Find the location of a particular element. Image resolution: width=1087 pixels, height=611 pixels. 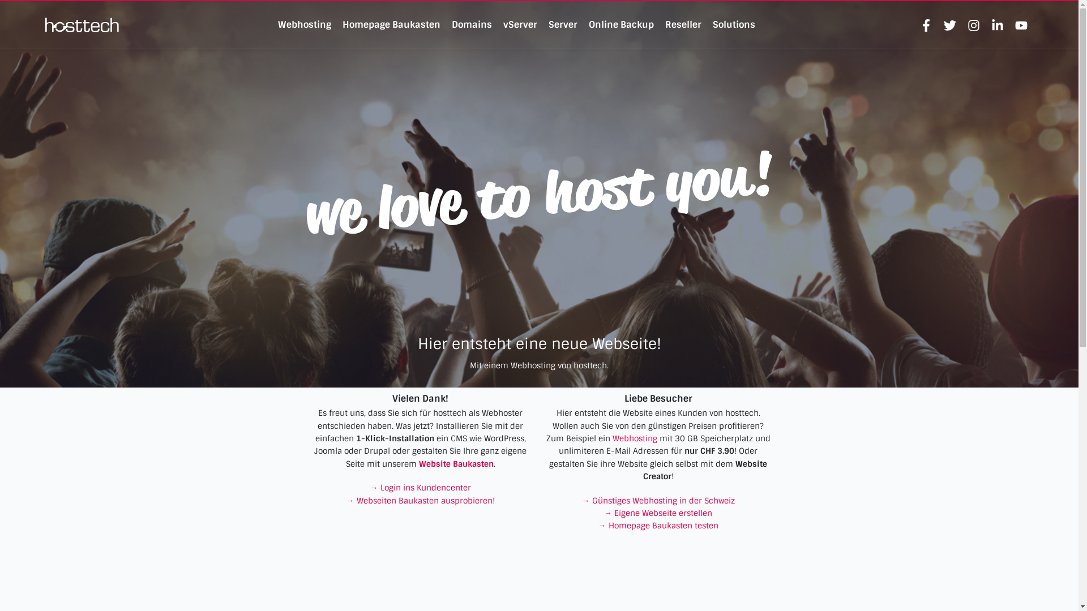

'Reseller' is located at coordinates (682, 24).